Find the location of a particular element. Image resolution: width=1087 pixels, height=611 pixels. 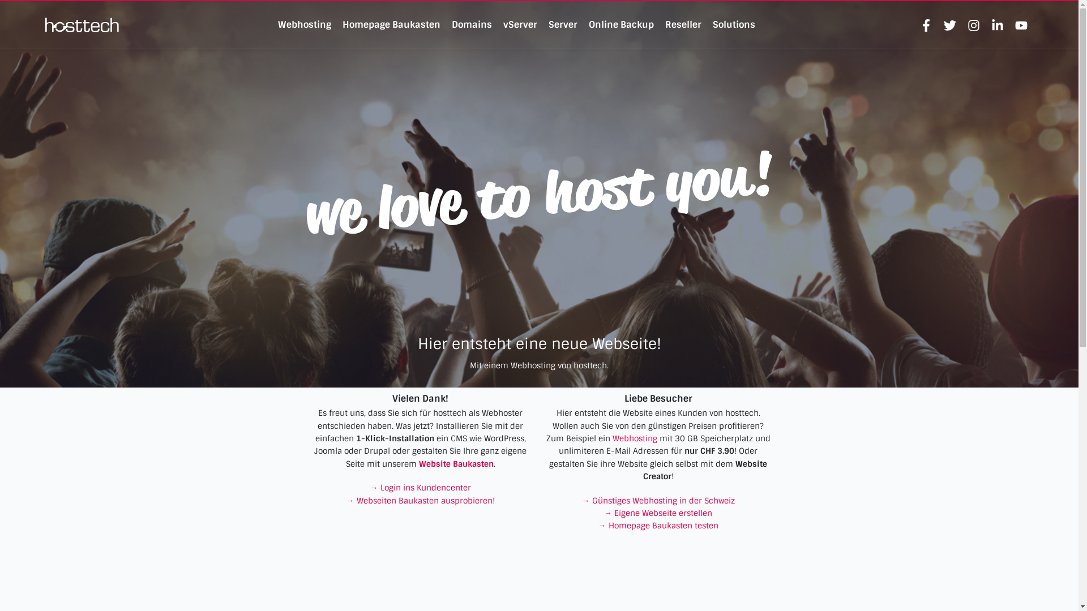

'Reseller' is located at coordinates (682, 24).